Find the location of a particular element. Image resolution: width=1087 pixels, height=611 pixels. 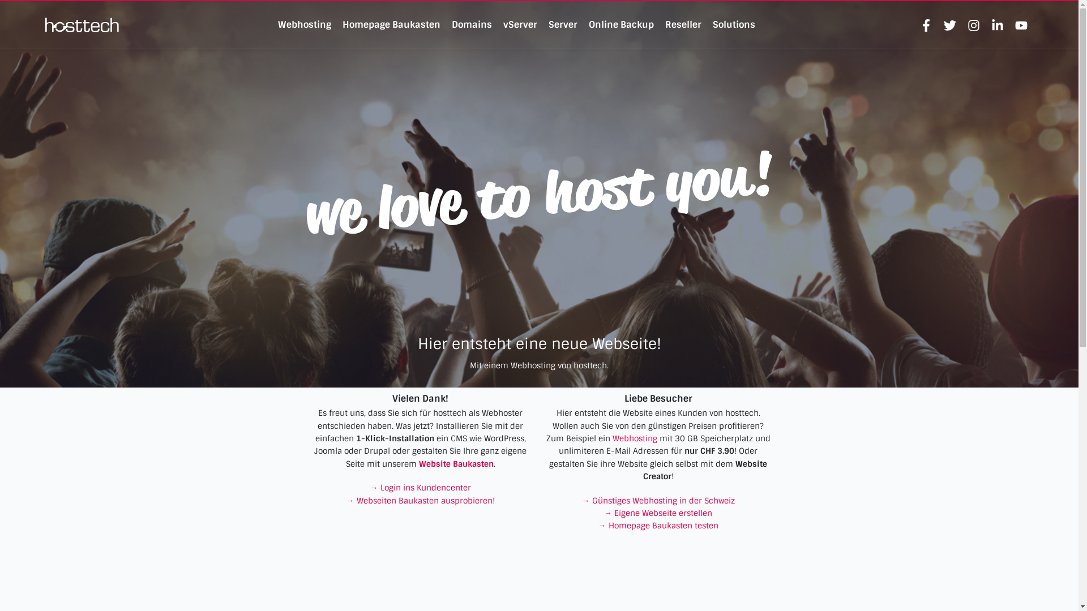

'Reseller' is located at coordinates (682, 24).